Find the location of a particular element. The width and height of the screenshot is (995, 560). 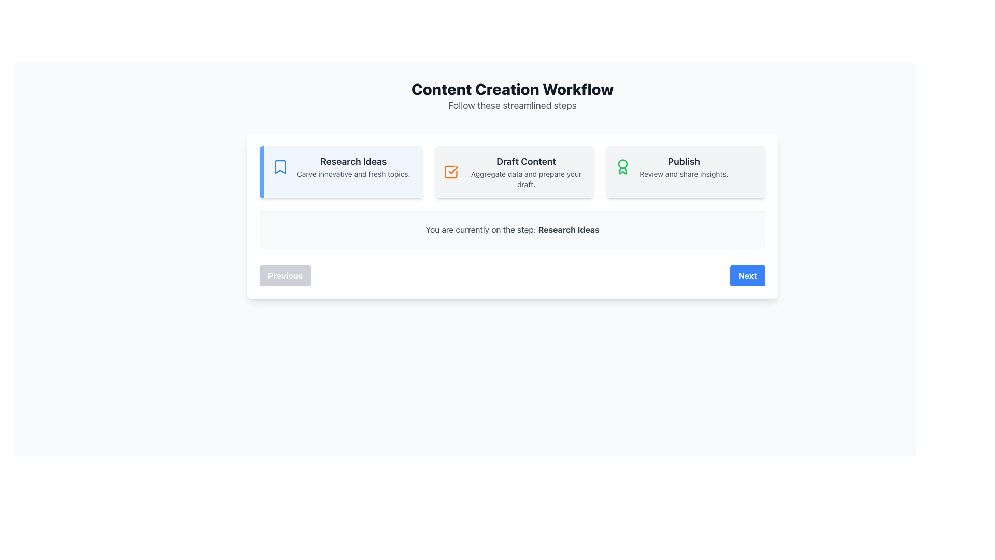

the 'Next' button located at the bottom-right corner of the visible form section is located at coordinates (747, 275).